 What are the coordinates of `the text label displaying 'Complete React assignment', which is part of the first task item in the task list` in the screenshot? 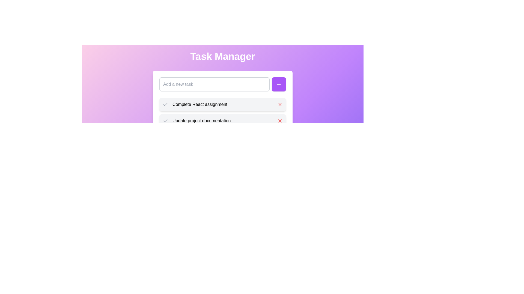 It's located at (225, 105).